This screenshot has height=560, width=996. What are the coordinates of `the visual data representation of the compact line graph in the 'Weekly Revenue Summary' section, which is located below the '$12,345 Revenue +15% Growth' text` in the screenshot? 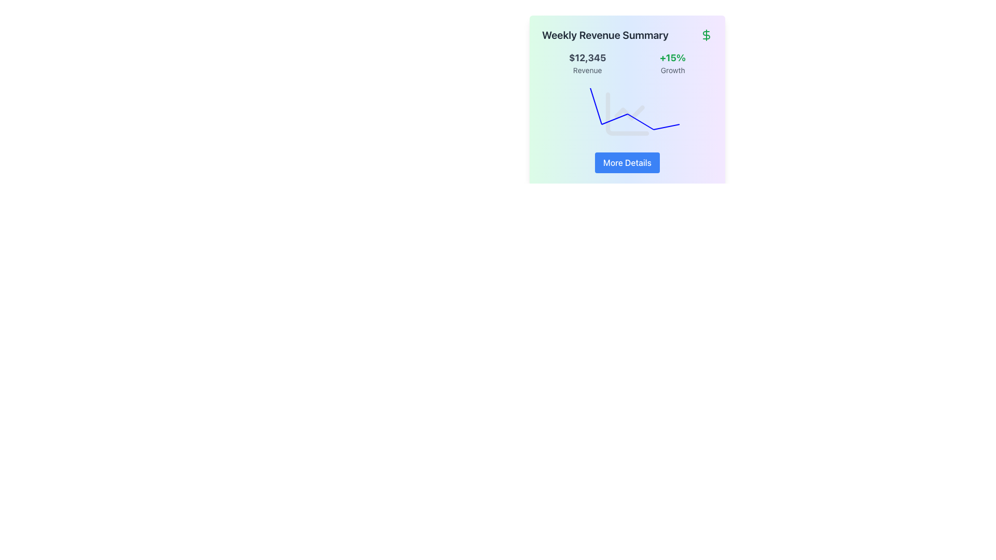 It's located at (627, 114).